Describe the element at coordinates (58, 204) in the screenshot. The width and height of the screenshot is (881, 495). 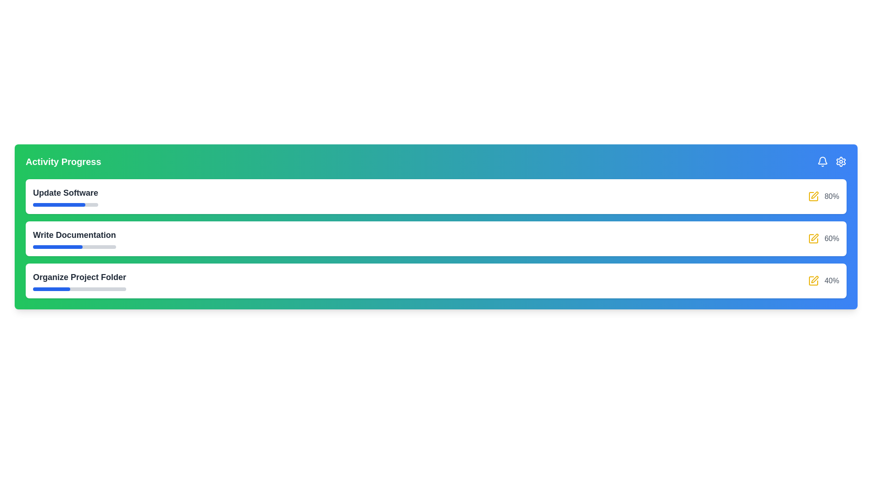
I see `the progress bar segment indicating 80% completion located below the 'Update Software' text` at that location.